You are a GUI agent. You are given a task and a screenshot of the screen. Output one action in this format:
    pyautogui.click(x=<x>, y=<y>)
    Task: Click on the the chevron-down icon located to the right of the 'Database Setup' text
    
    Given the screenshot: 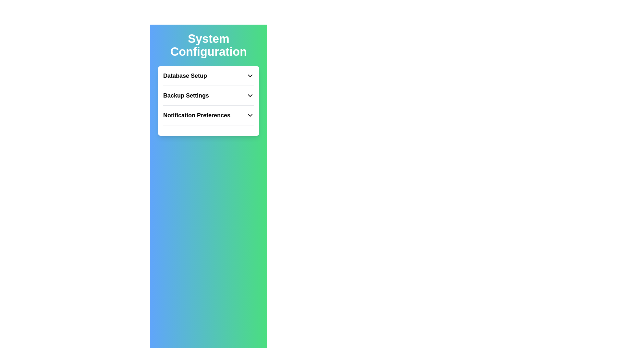 What is the action you would take?
    pyautogui.click(x=250, y=76)
    